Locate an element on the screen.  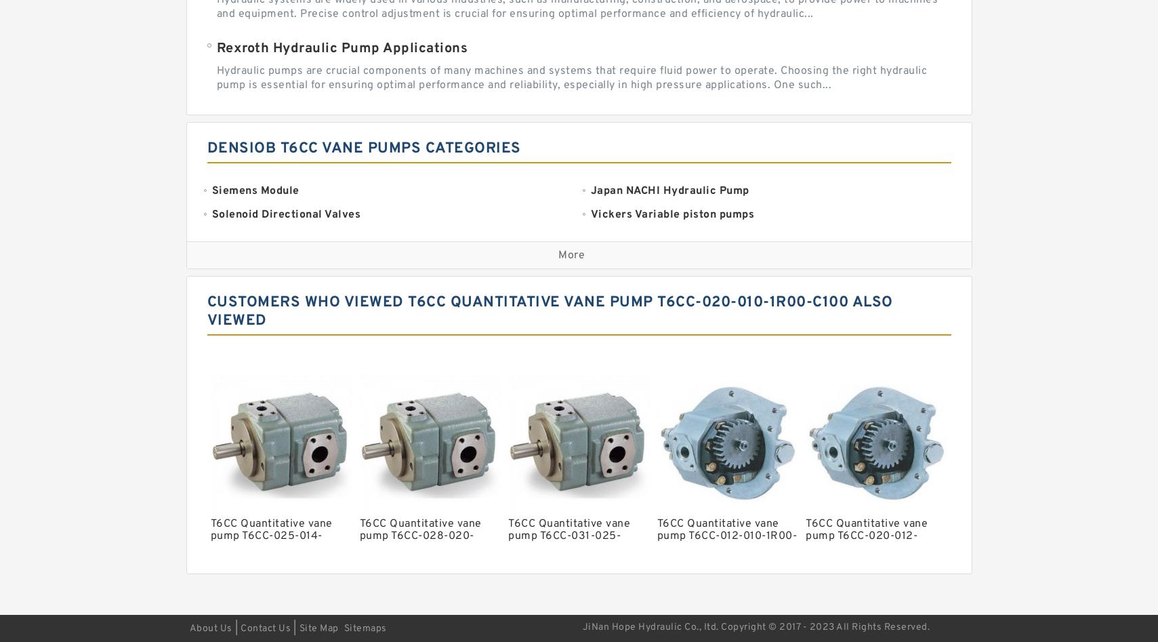
'Rexroth Hydraulic Pump Applications' is located at coordinates (215, 48).